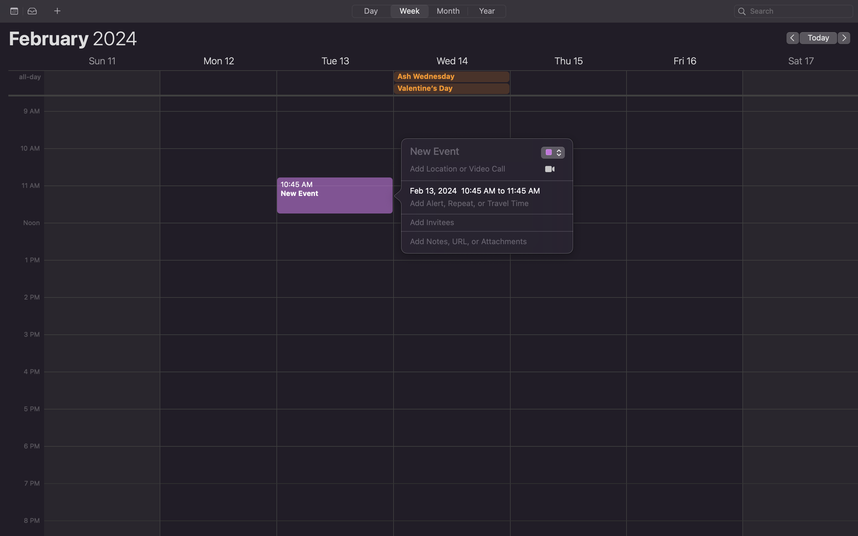 Image resolution: width=858 pixels, height=536 pixels. Describe the element at coordinates (470, 171) in the screenshot. I see `Register "Gates Hillman Center" as a new location` at that location.